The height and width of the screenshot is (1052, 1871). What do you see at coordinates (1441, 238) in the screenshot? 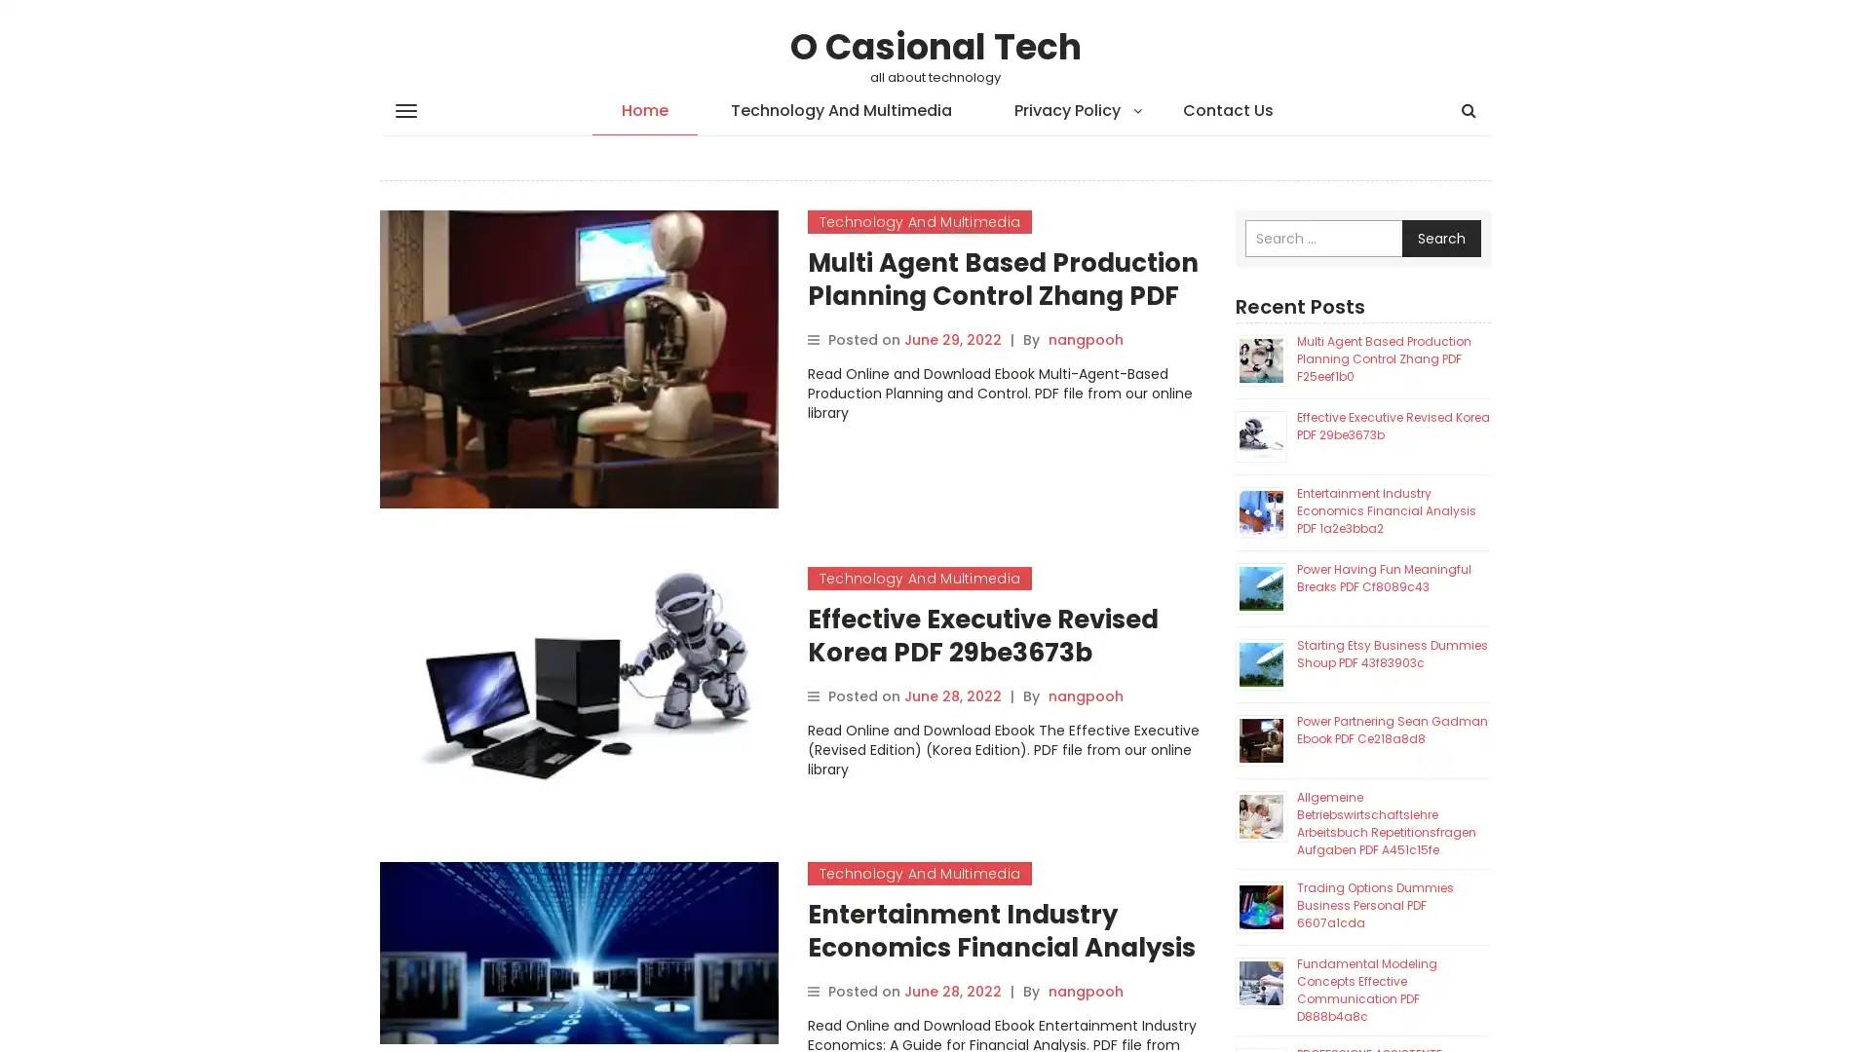
I see `Search` at bounding box center [1441, 238].